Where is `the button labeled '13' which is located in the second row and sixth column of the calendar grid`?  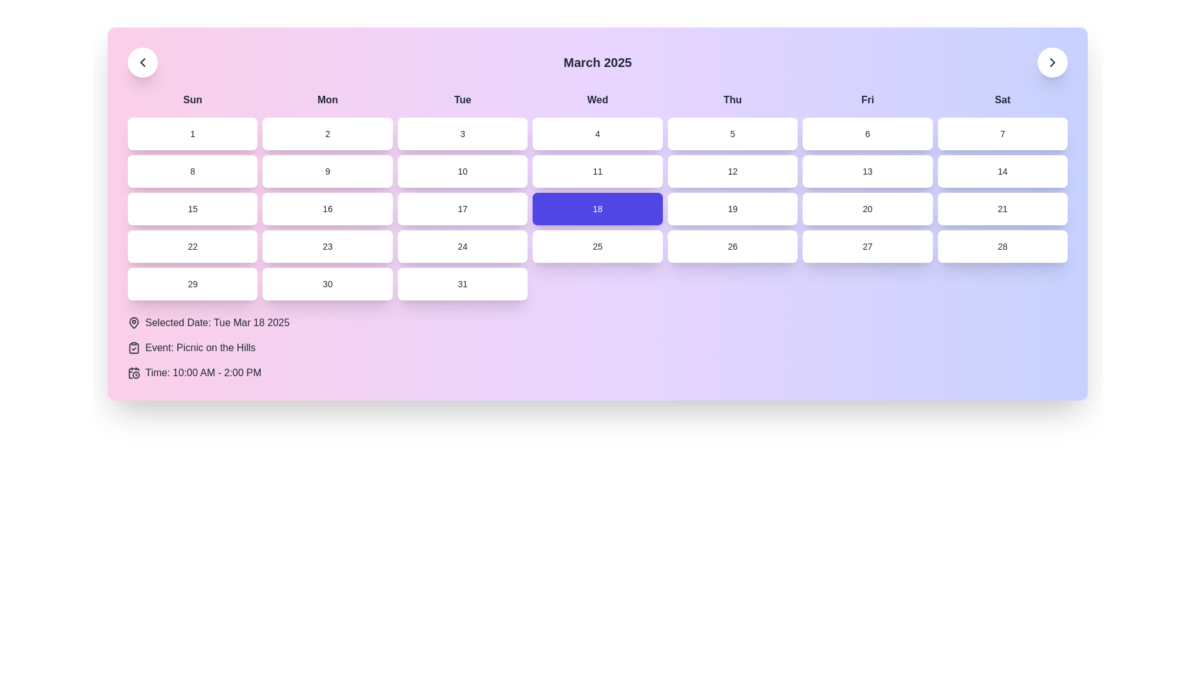 the button labeled '13' which is located in the second row and sixth column of the calendar grid is located at coordinates (866, 171).